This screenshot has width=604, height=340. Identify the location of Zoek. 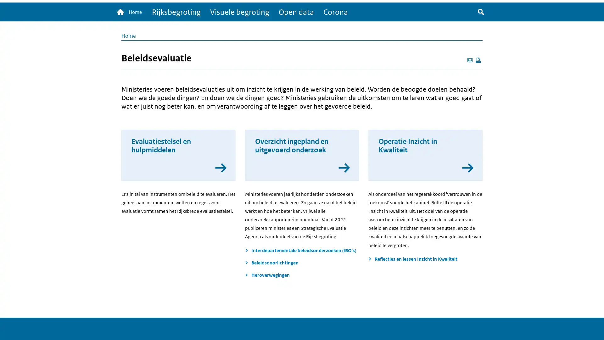
(481, 12).